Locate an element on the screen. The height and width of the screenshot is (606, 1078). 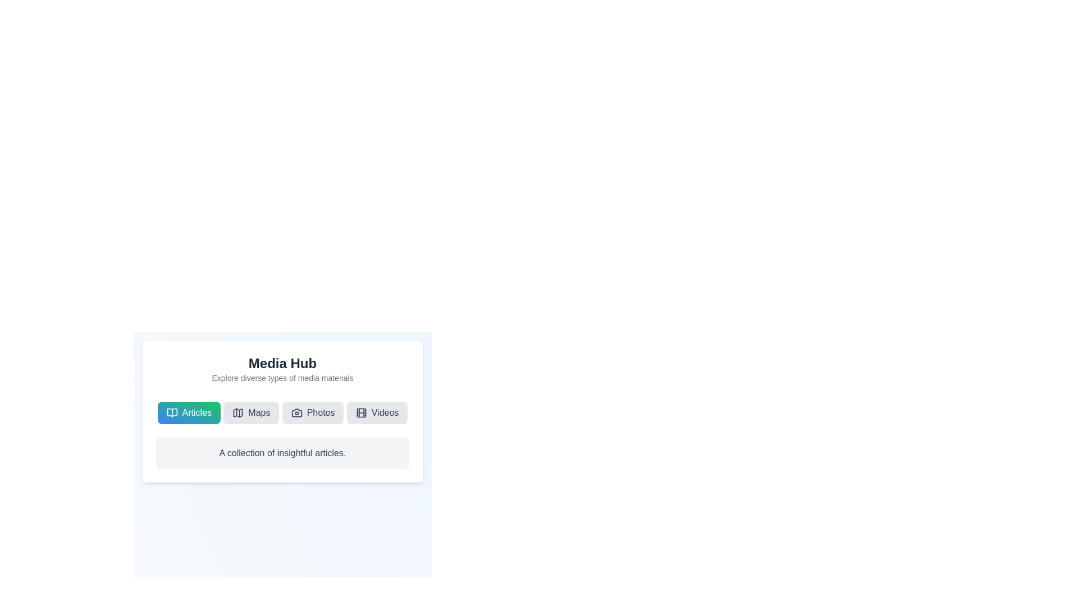
the 'Photos' label within the button that denotes the purpose of the button it is part of, located third from the left in a horizontal set of selectable items is located at coordinates (320, 413).